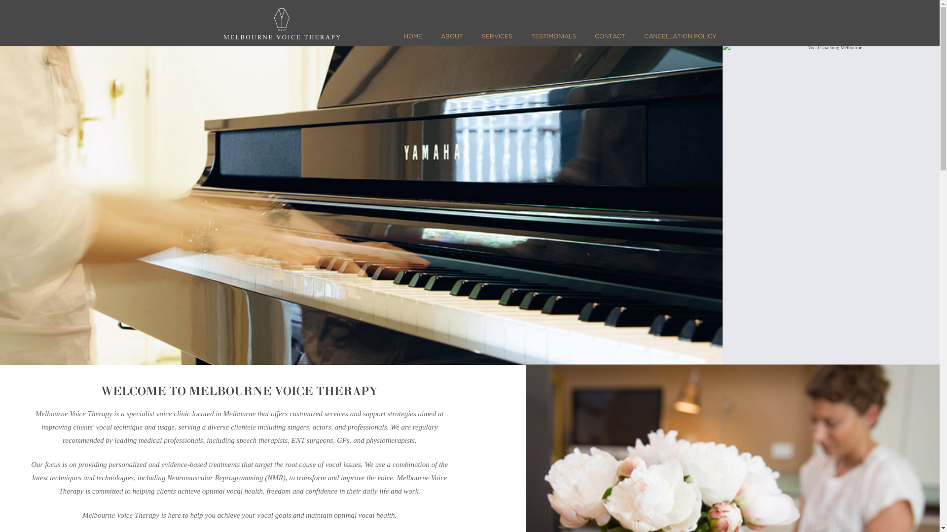 The image size is (947, 532). What do you see at coordinates (497, 39) in the screenshot?
I see `'SERVICES'` at bounding box center [497, 39].